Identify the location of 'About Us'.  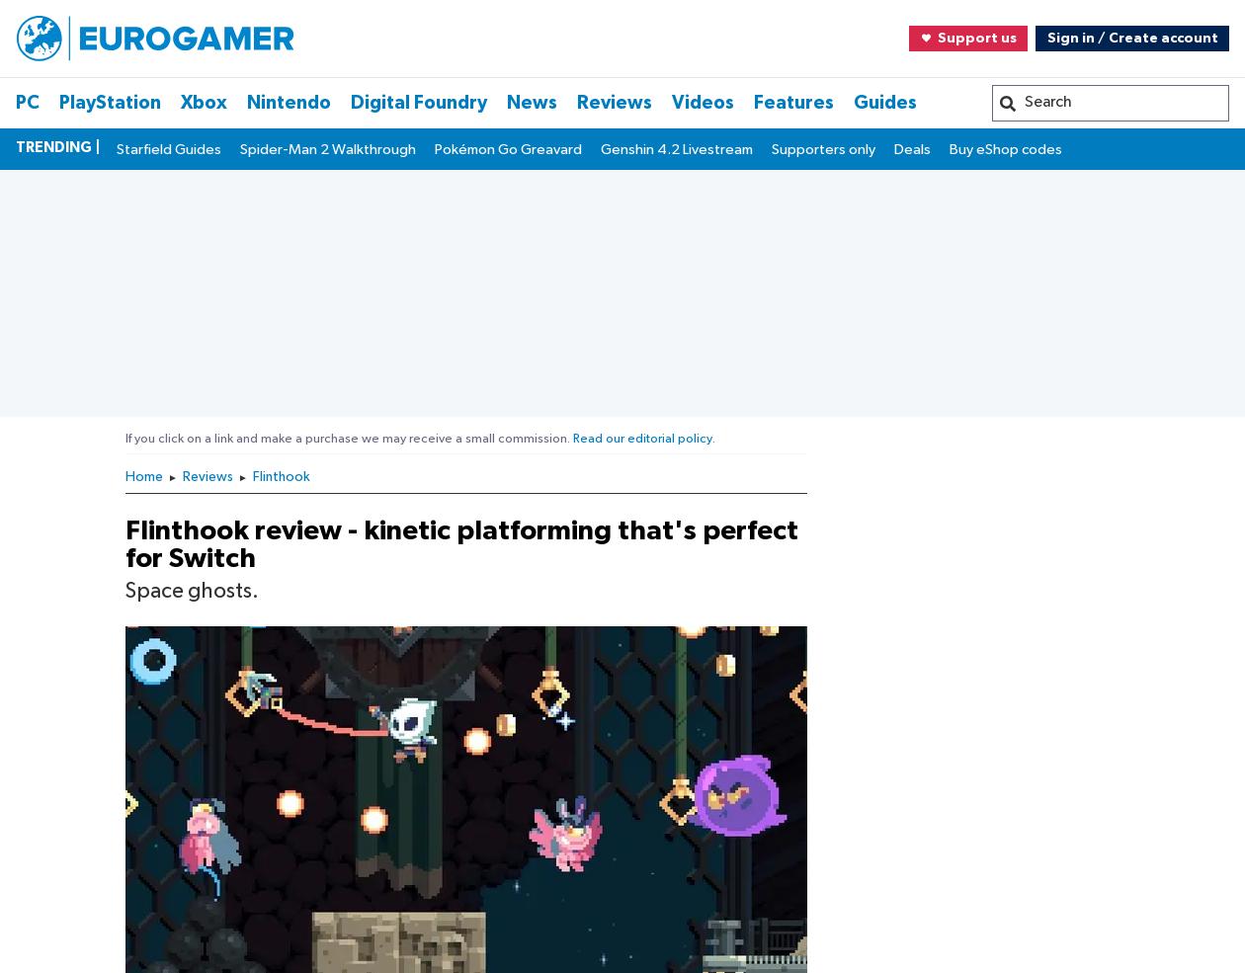
(70, 965).